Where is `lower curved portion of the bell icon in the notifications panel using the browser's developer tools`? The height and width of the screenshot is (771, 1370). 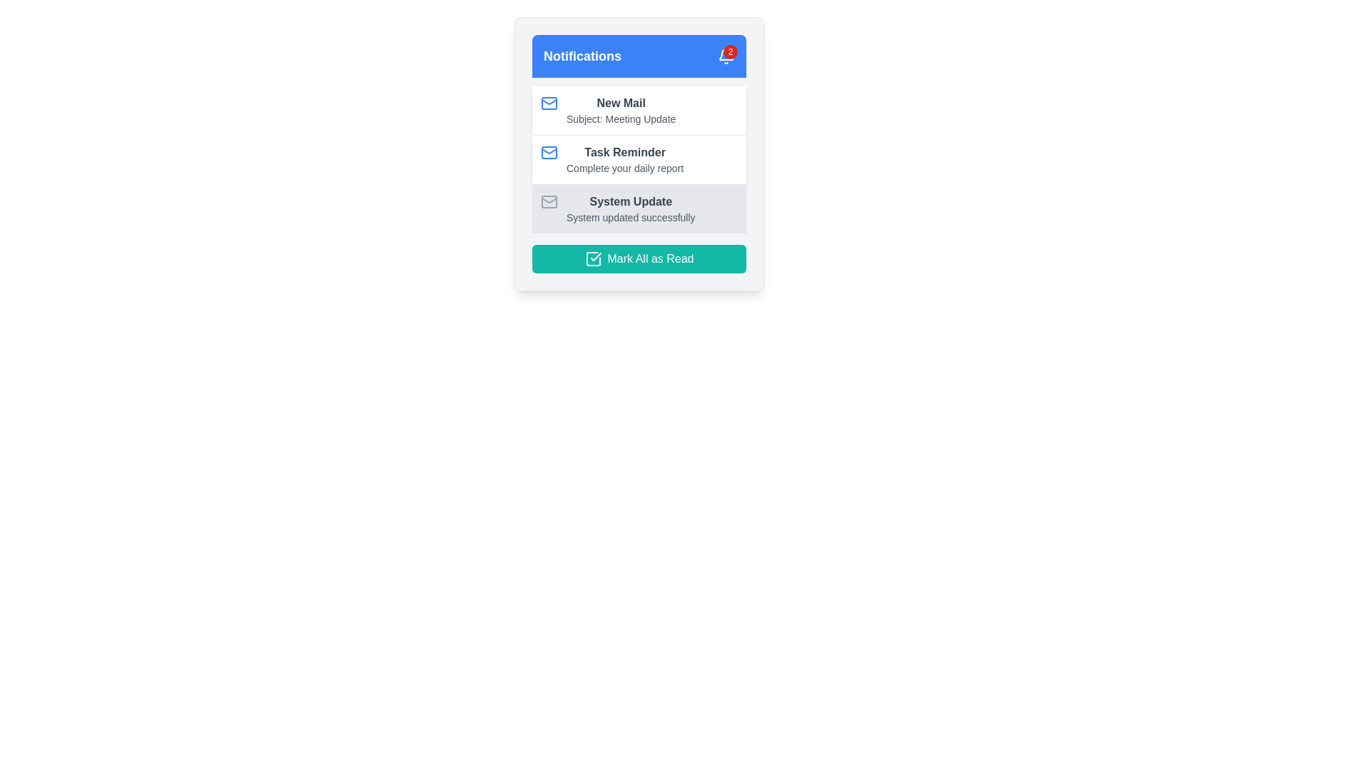
lower curved portion of the bell icon in the notifications panel using the browser's developer tools is located at coordinates (726, 54).